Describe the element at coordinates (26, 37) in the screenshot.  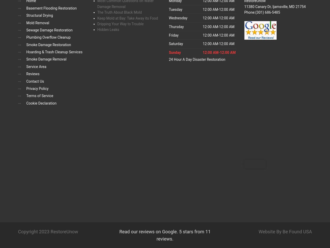
I see `'Plumbing Overflow Cleanup'` at that location.